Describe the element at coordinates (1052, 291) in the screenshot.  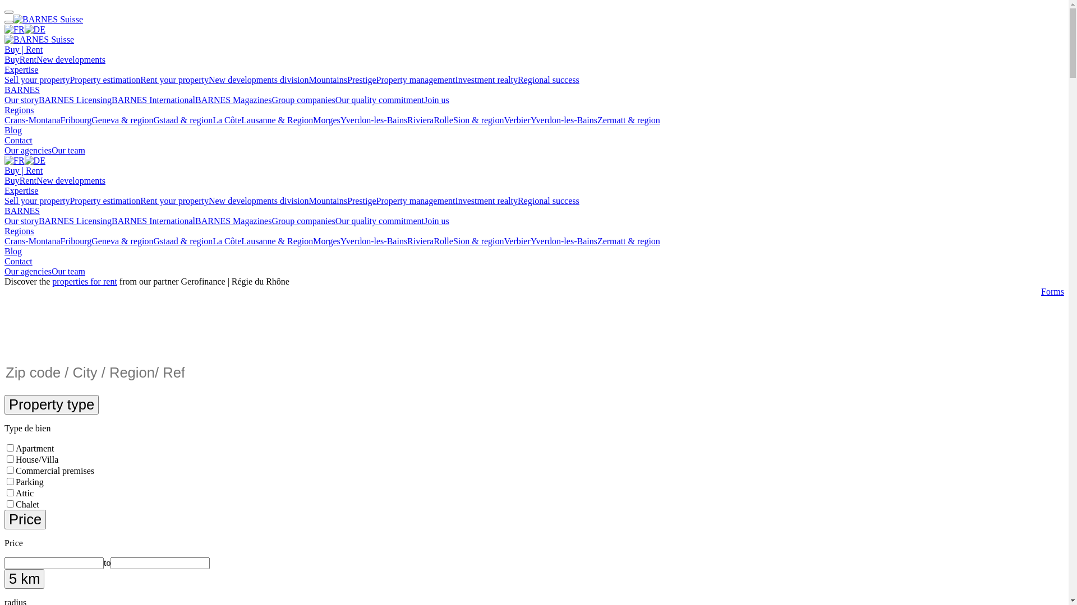
I see `'Forms'` at that location.